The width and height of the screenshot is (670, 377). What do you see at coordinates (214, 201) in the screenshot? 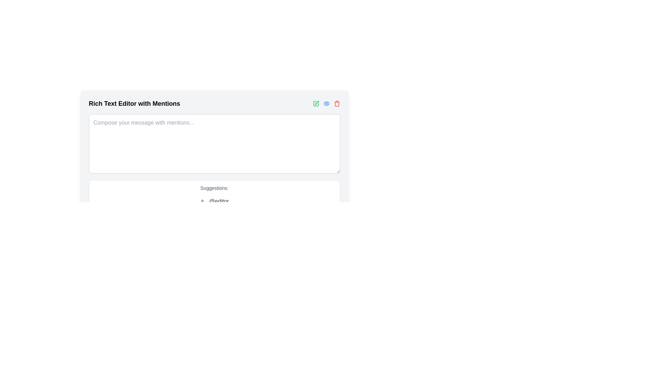
I see `the clickable list item labeled '@editor' that features a user icon and a light indigo hover effect` at bounding box center [214, 201].